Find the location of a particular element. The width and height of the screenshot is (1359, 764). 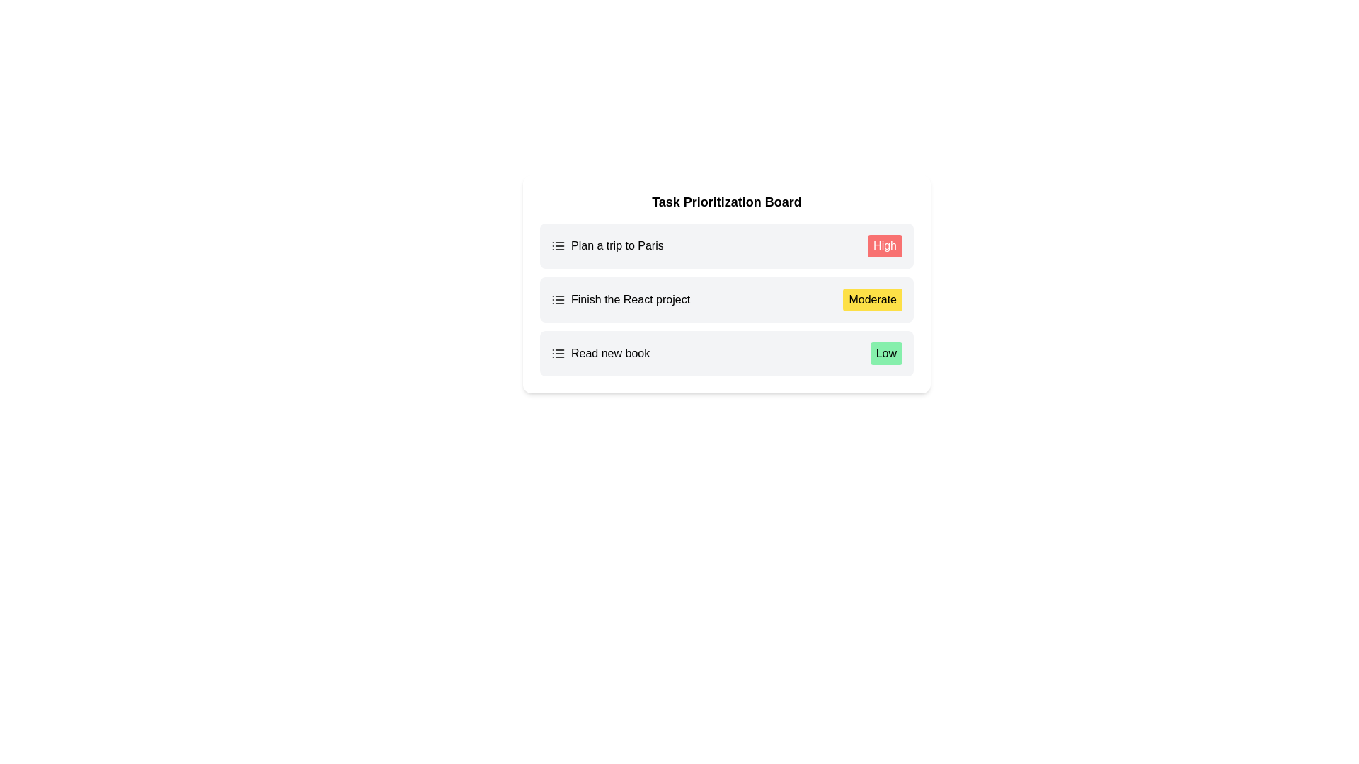

the text element that reads 'Plan a trip to Paris.' which is part of the task list in the 'Task Prioritization Board.' is located at coordinates (617, 245).